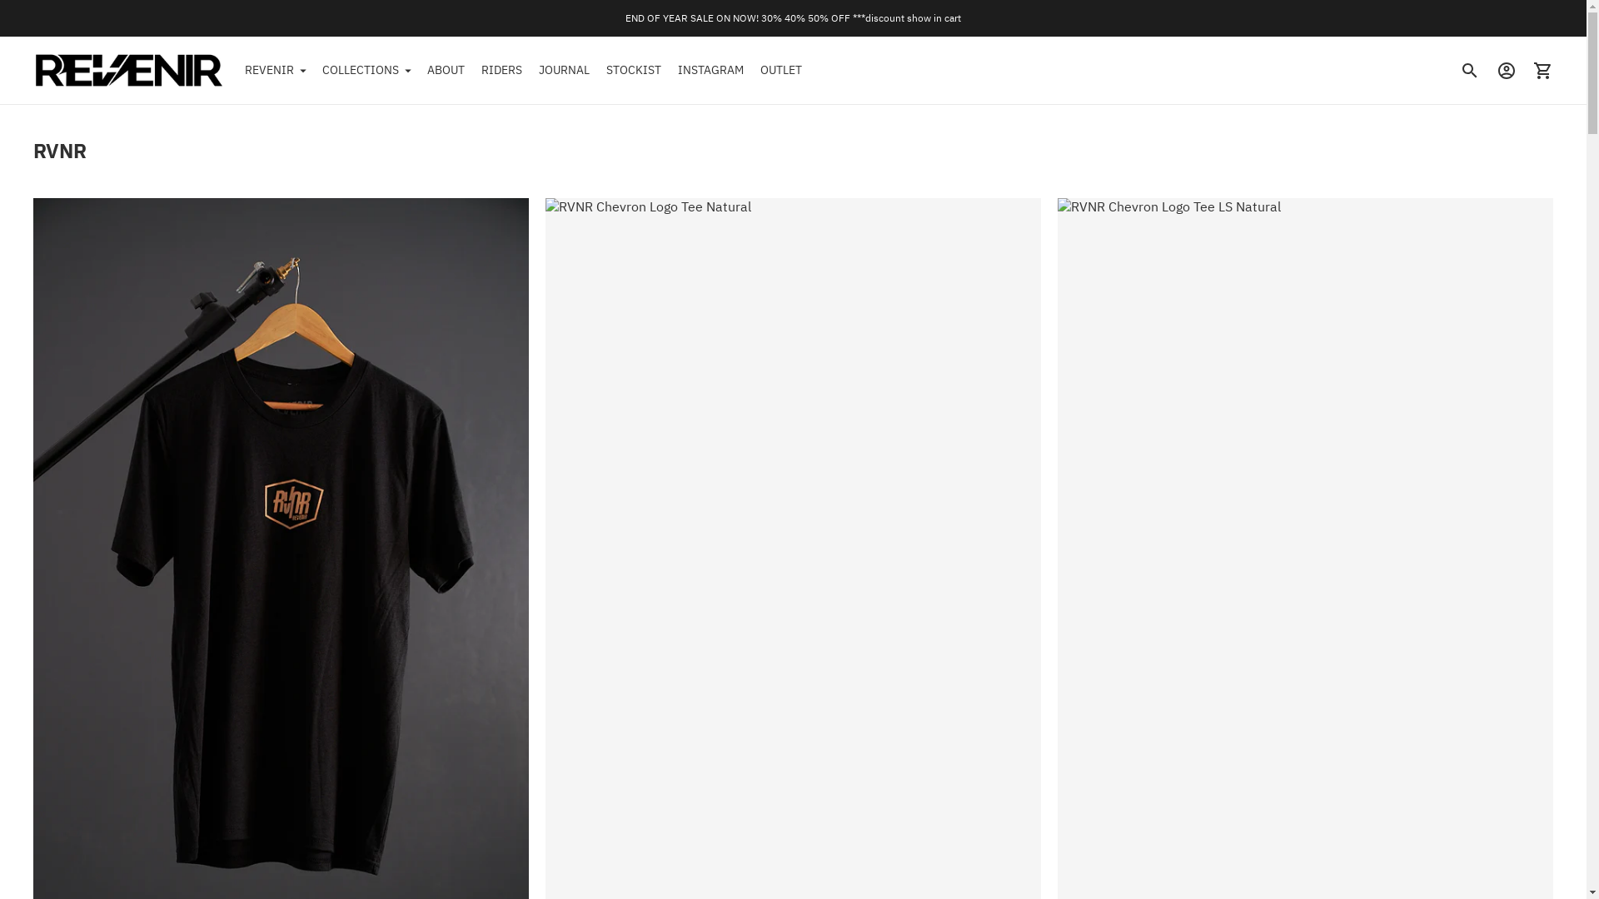  Describe the element at coordinates (501, 69) in the screenshot. I see `'RIDERS'` at that location.